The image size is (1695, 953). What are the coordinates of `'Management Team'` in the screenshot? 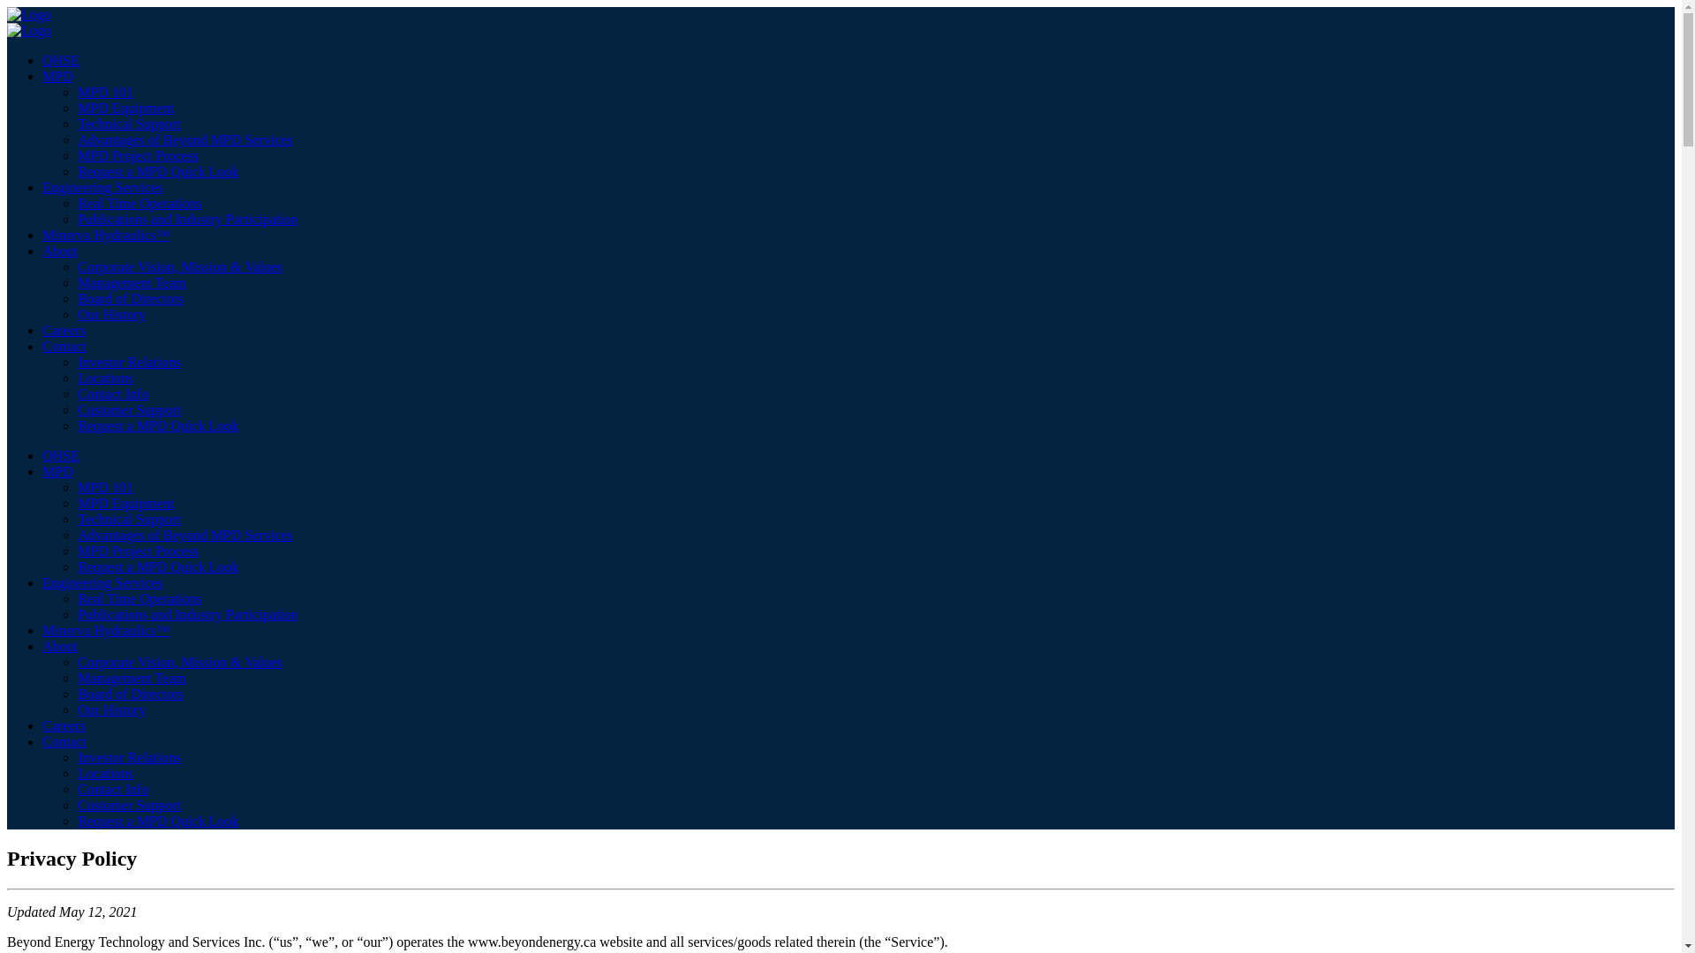 It's located at (131, 281).